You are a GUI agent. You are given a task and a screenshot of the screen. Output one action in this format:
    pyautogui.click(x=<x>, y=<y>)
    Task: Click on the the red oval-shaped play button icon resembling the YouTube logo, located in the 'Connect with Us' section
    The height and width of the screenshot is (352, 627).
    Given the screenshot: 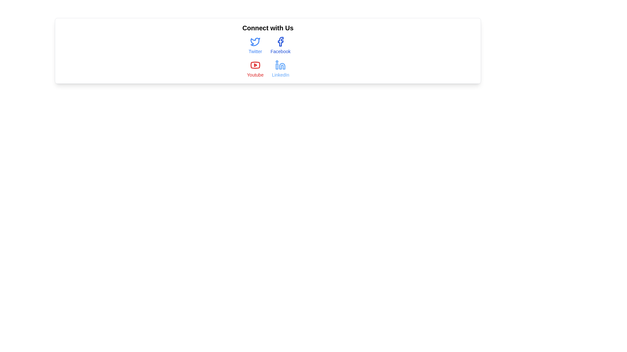 What is the action you would take?
    pyautogui.click(x=255, y=65)
    